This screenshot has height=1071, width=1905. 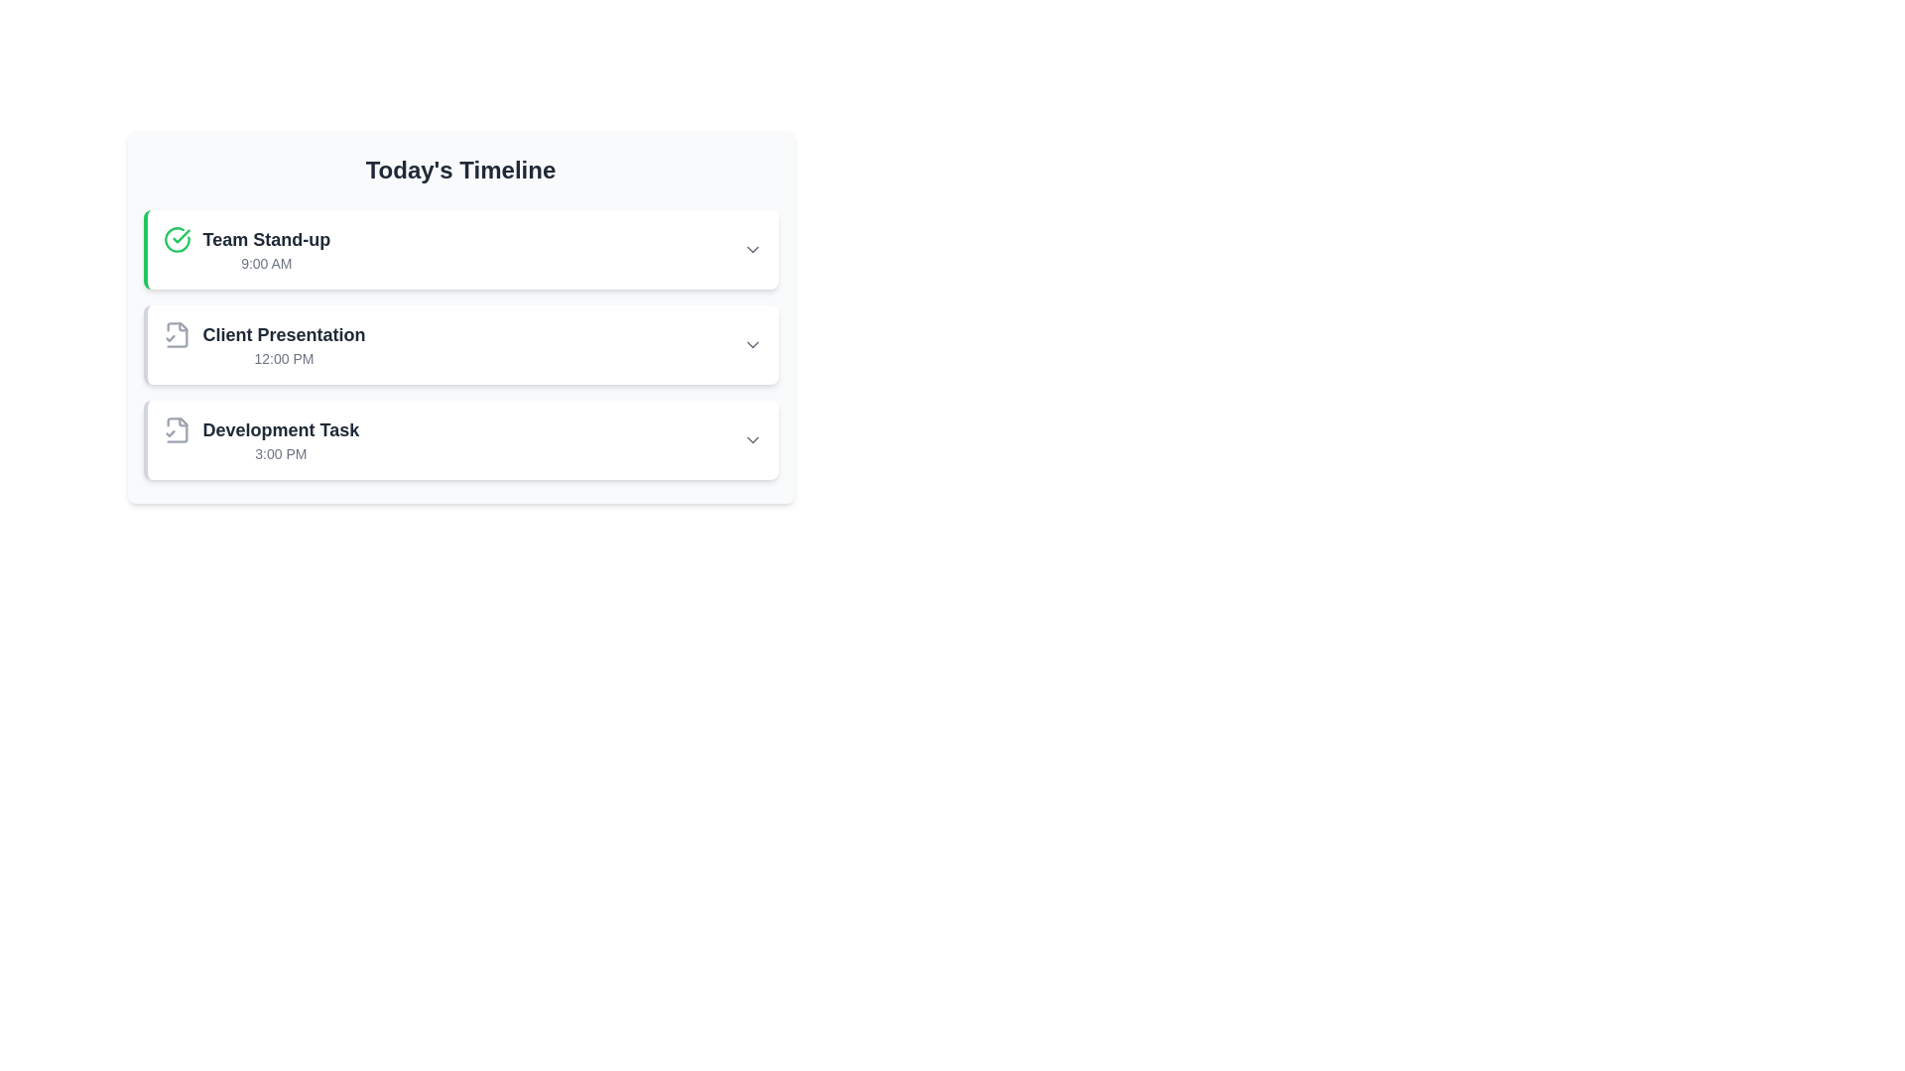 What do you see at coordinates (263, 343) in the screenshot?
I see `the 'Client Presentation' list item` at bounding box center [263, 343].